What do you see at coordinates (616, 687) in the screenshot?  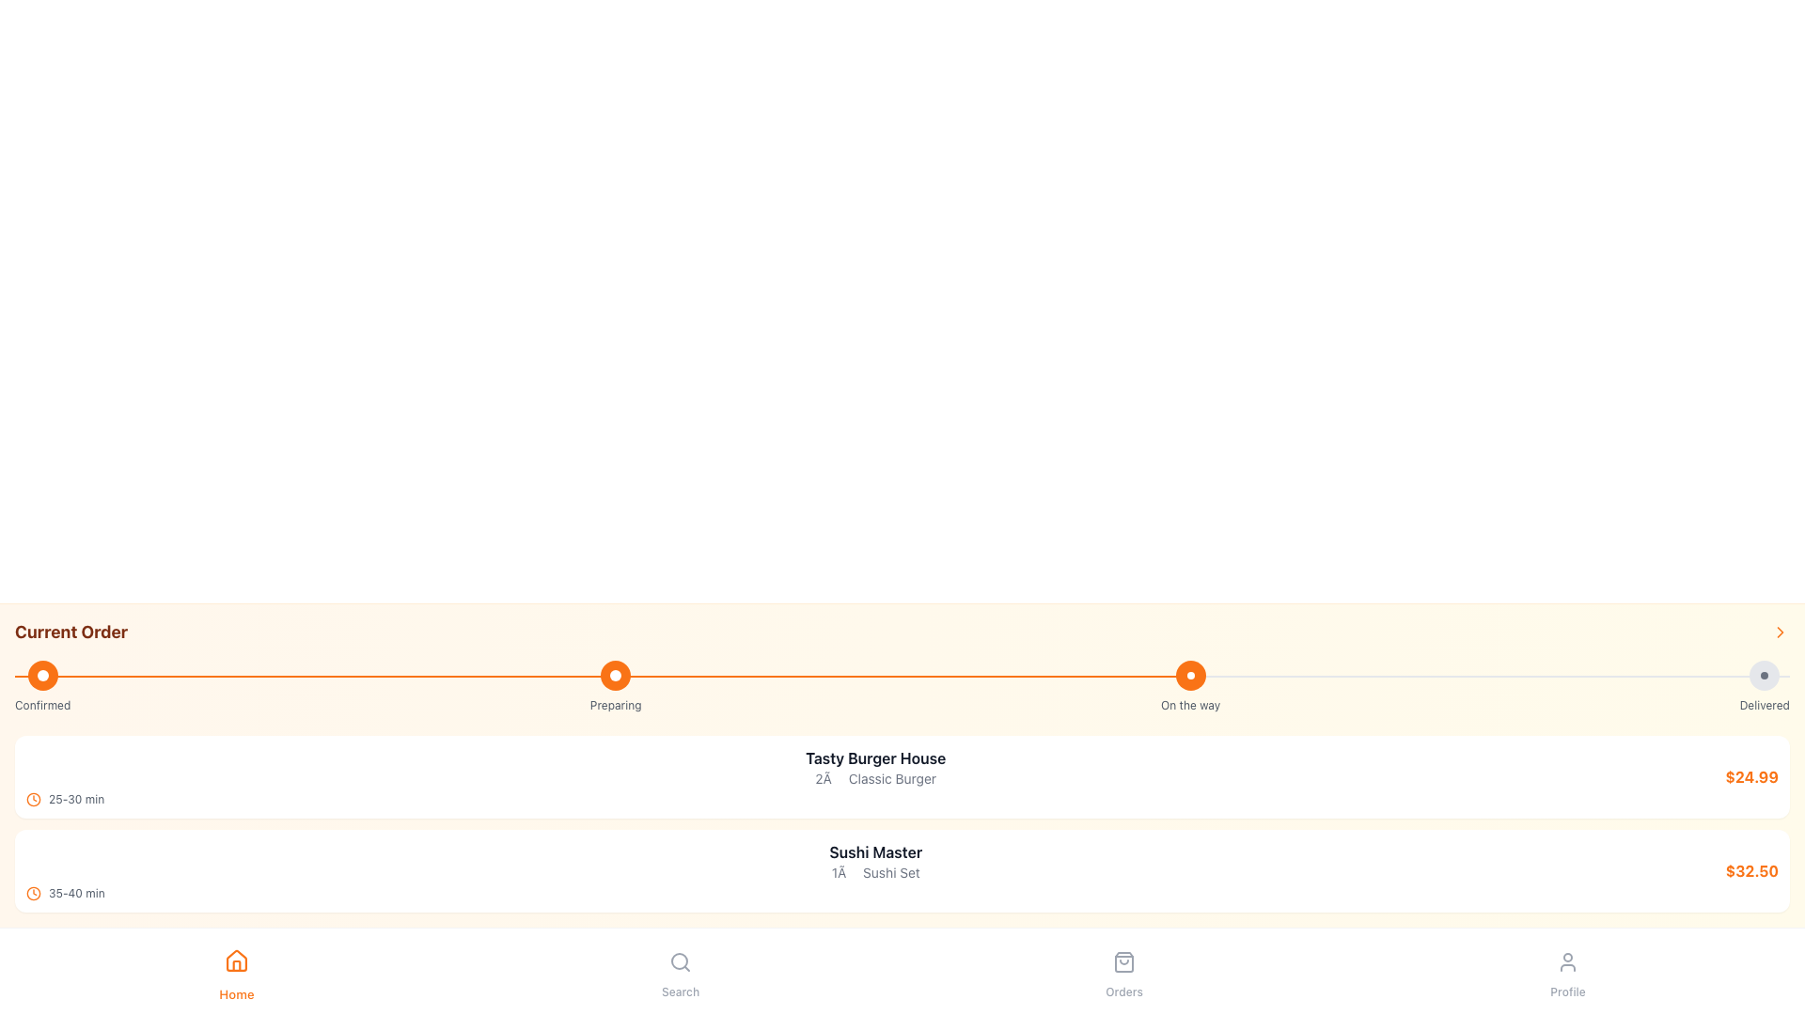 I see `the circular orange status indicator with the text 'Preparing' below it, which is the second element in a sequence of four status indicators` at bounding box center [616, 687].